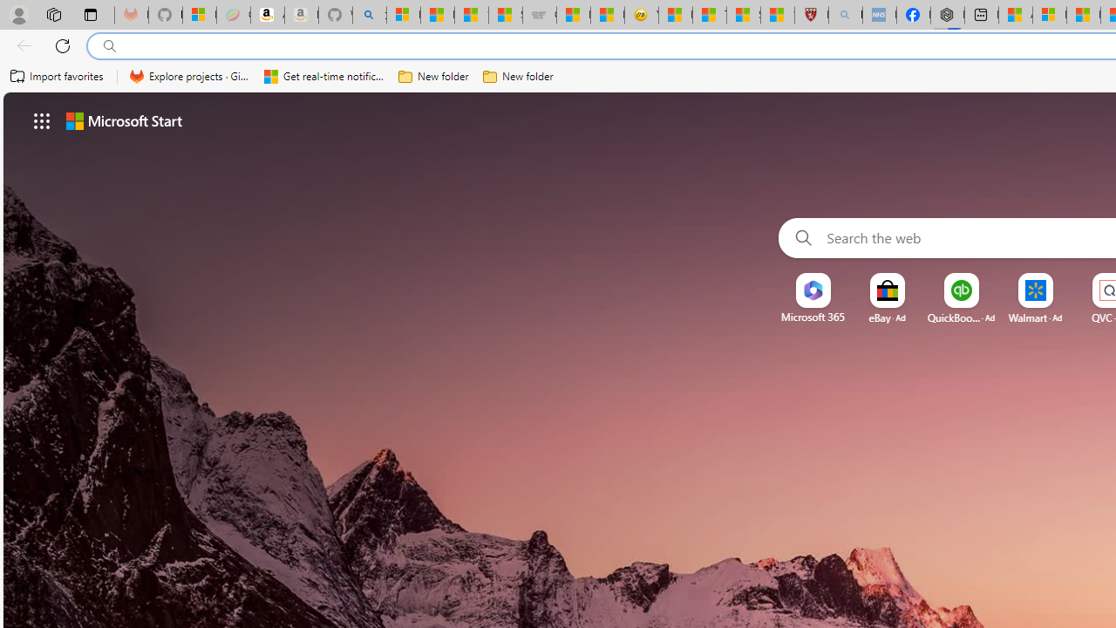  I want to click on 'Robert H. Shmerling, MD - Harvard Health', so click(810, 15).